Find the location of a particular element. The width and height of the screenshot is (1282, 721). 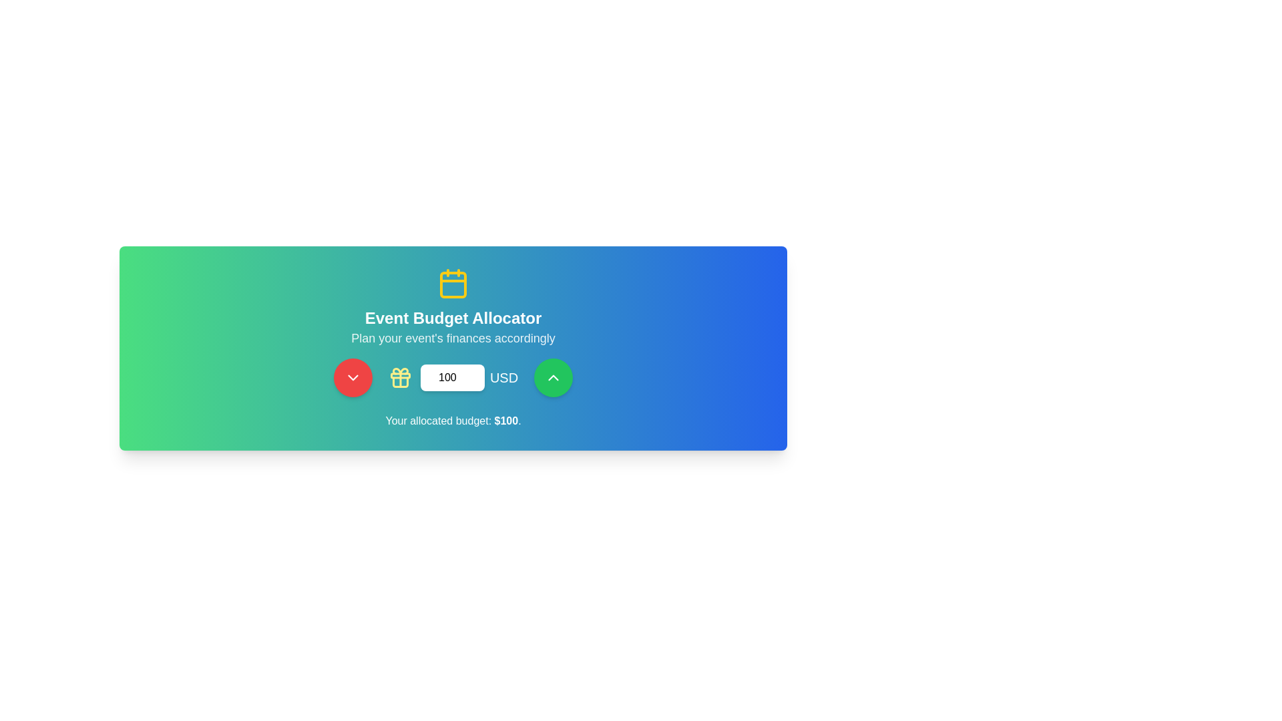

the text label providing context for the 'Event Budget Allocator', which is positioned centrally below the main heading is located at coordinates (453, 337).